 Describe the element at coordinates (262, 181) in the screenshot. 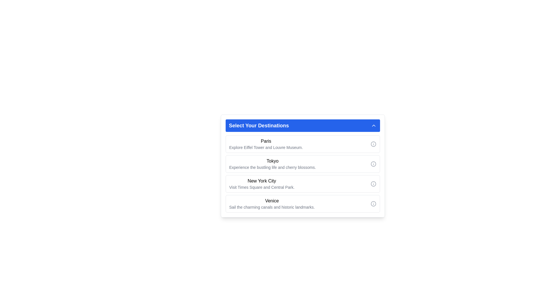

I see `the bold text label reading 'New York City', which is the main title in the third slot of the destinations list` at that location.